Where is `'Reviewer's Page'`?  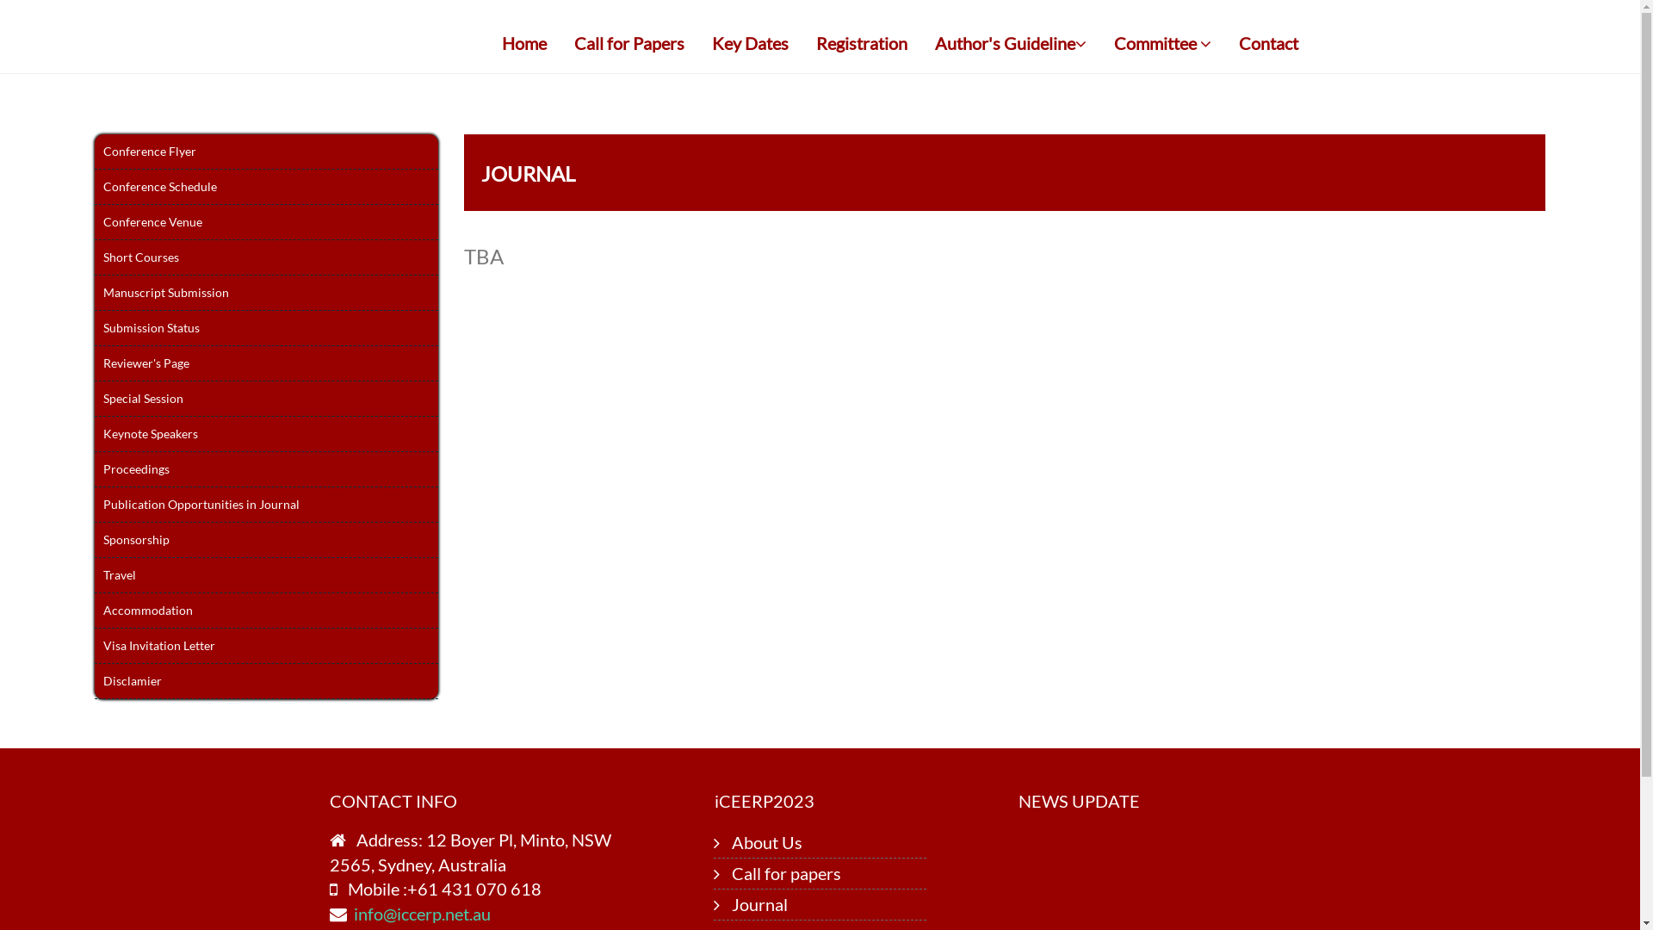 'Reviewer's Page' is located at coordinates (265, 363).